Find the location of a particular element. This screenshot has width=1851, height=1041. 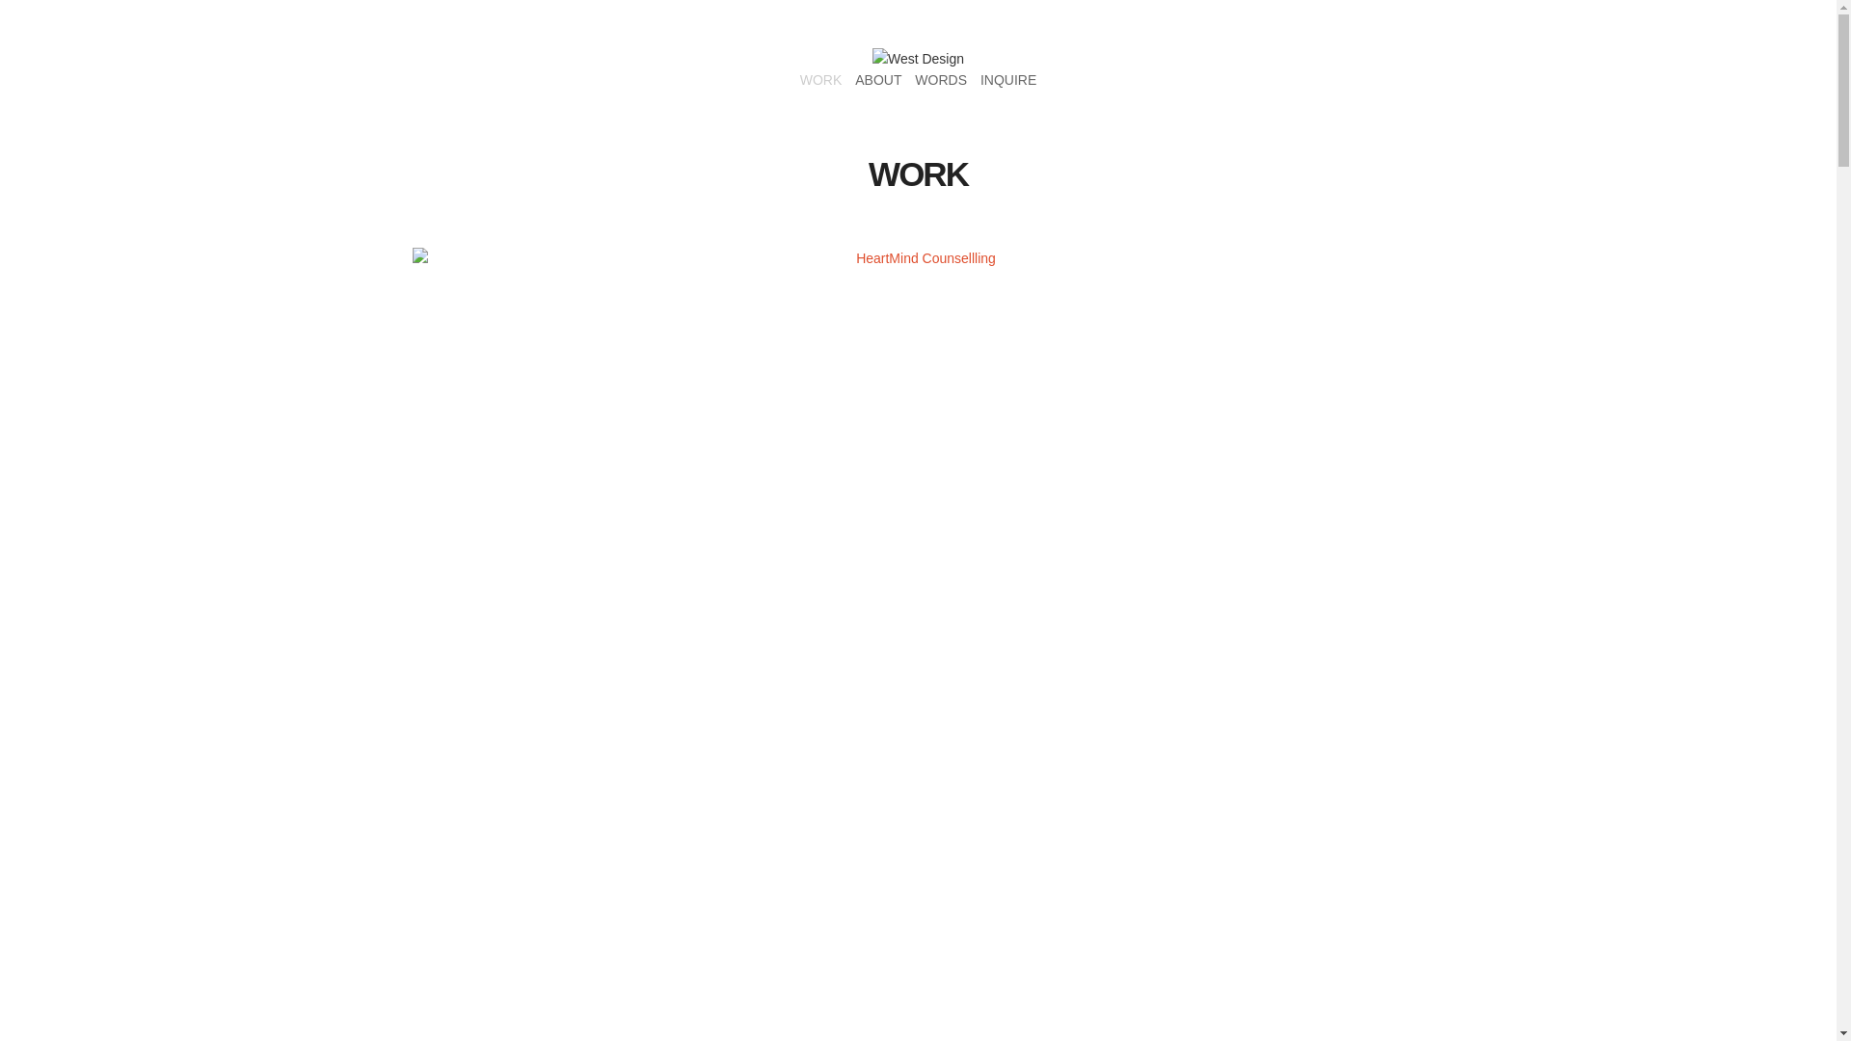

'WORDS' is located at coordinates (940, 79).